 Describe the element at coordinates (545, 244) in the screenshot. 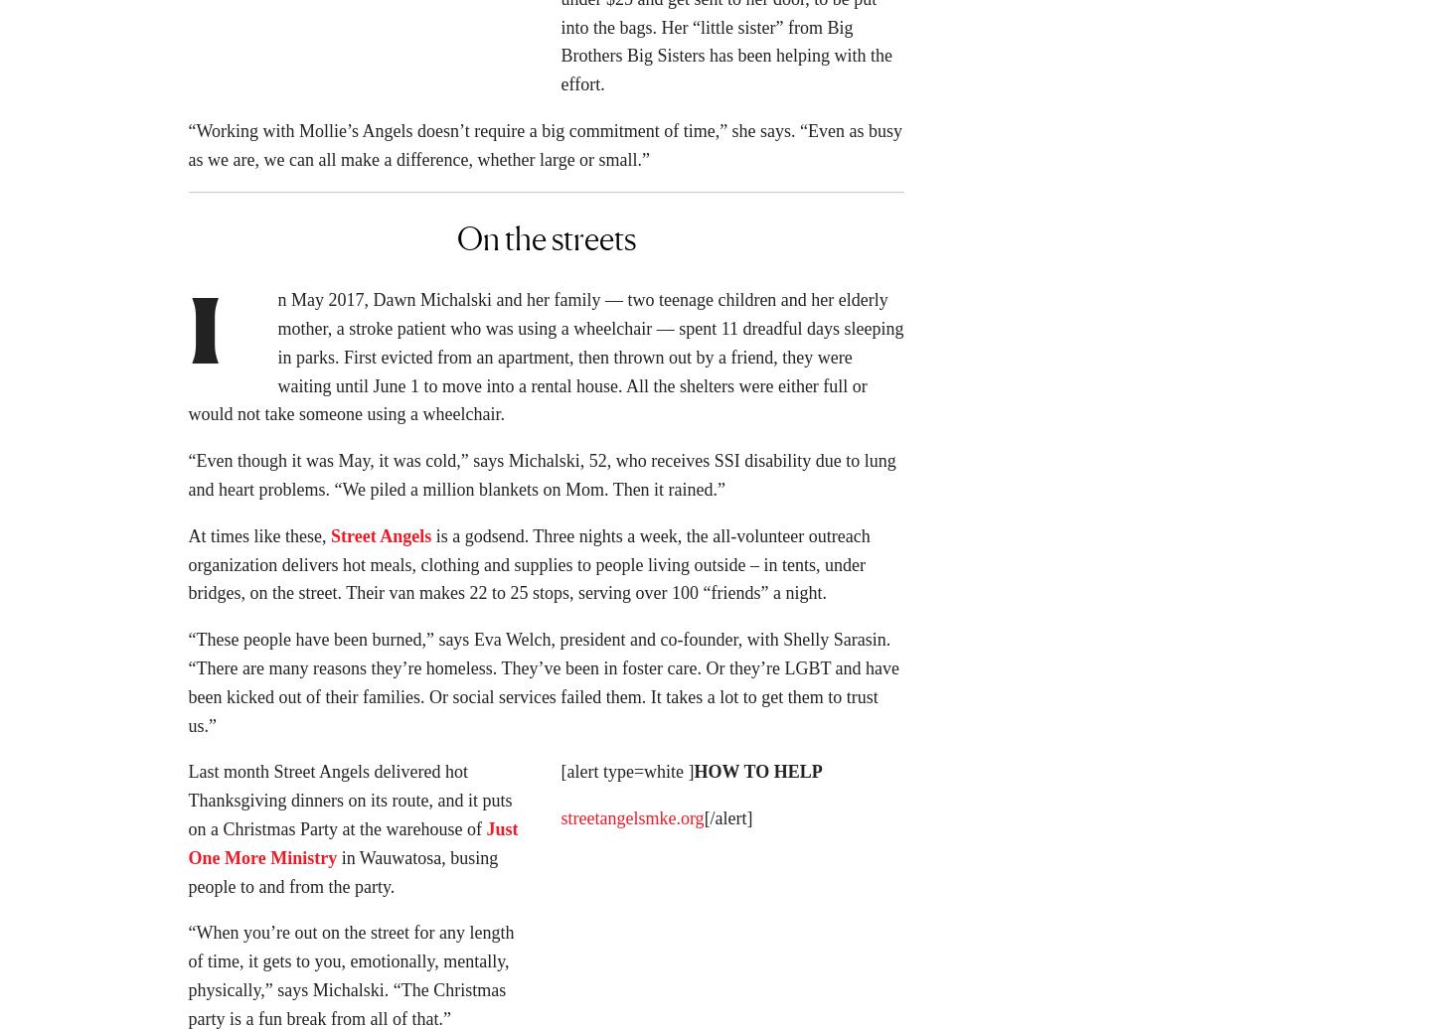

I see `'On the streets'` at that location.